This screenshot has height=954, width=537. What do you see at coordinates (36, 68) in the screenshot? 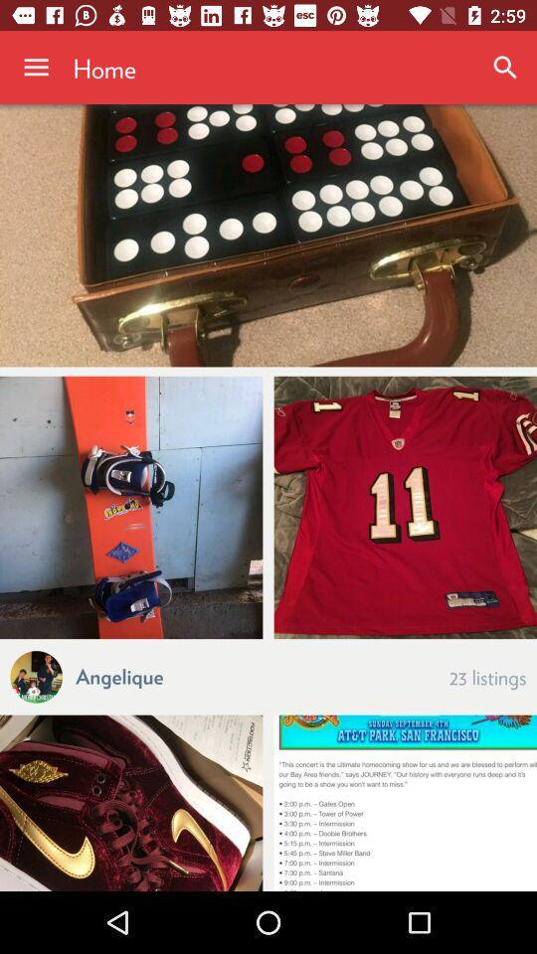
I see `item to the left of the home item` at bounding box center [36, 68].